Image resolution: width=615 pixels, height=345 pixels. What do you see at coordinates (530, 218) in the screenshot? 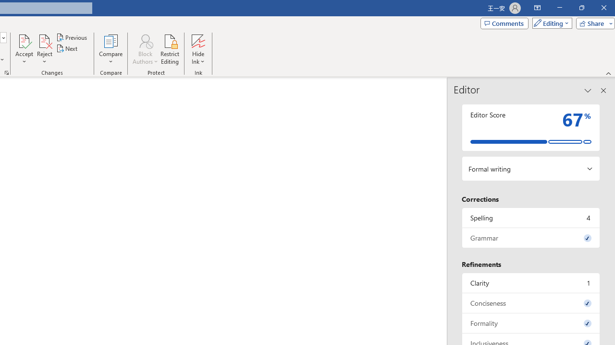
I see `'Spelling, 4 issues. Press space or enter to review items.'` at bounding box center [530, 218].